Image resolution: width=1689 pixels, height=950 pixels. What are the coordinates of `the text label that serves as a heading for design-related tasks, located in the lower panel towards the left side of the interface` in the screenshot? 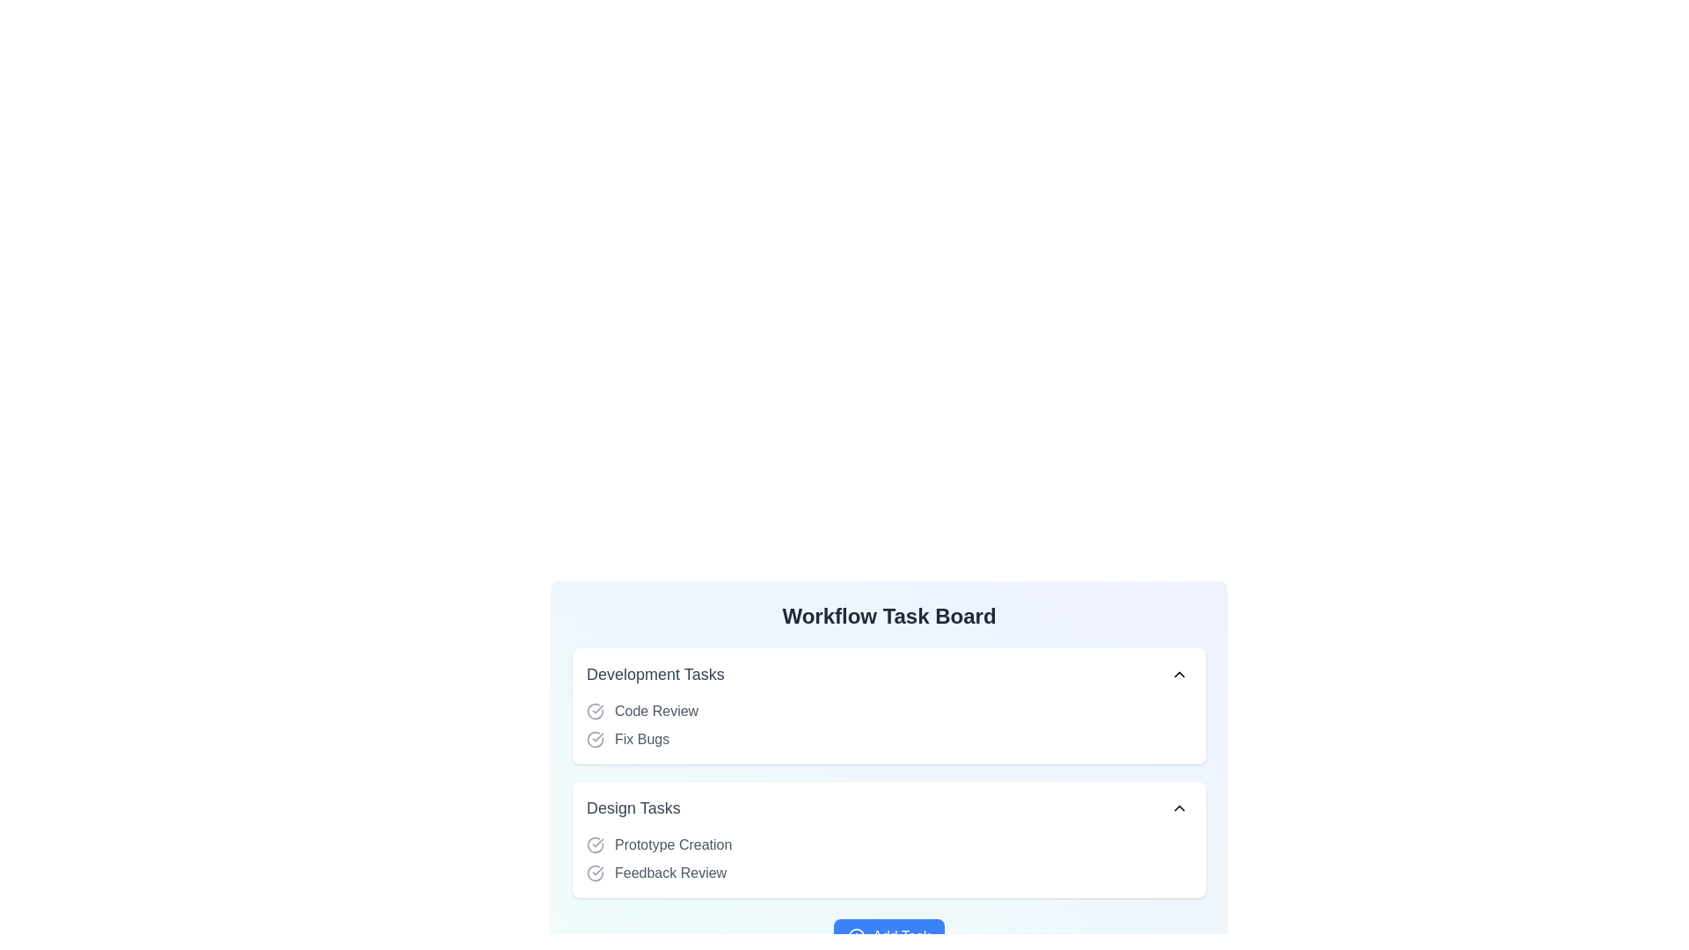 It's located at (633, 807).